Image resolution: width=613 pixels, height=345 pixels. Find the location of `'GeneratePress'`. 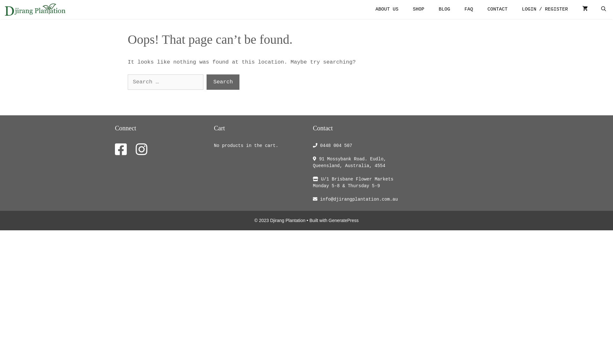

'GeneratePress' is located at coordinates (343, 220).